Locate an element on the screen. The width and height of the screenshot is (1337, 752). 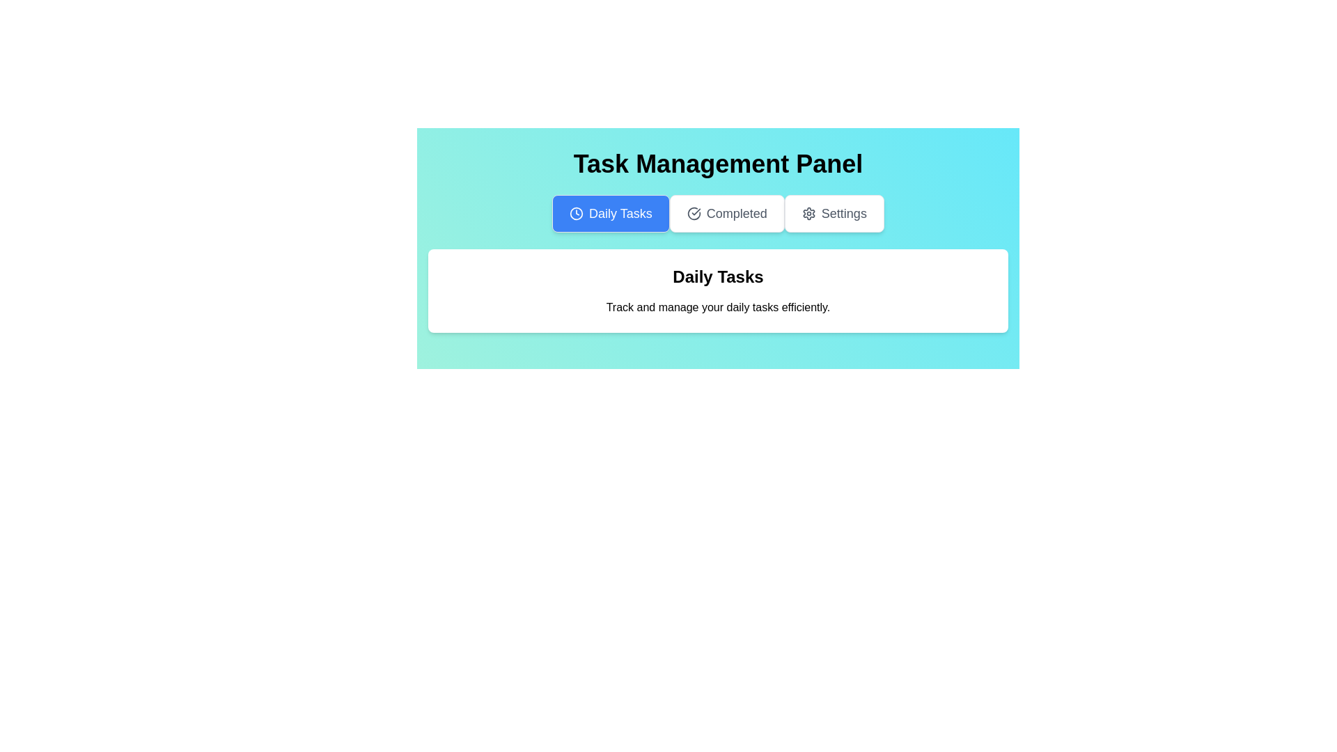
the clock icon located to the left of the 'Daily Tasks' button in the header section is located at coordinates (577, 214).